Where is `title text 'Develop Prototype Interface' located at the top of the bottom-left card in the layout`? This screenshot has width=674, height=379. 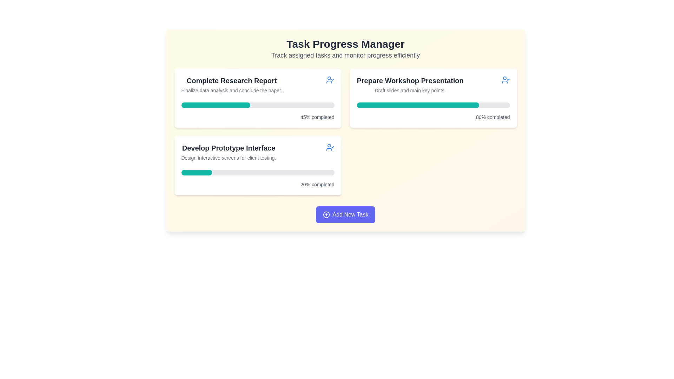
title text 'Develop Prototype Interface' located at the top of the bottom-left card in the layout is located at coordinates (229, 147).